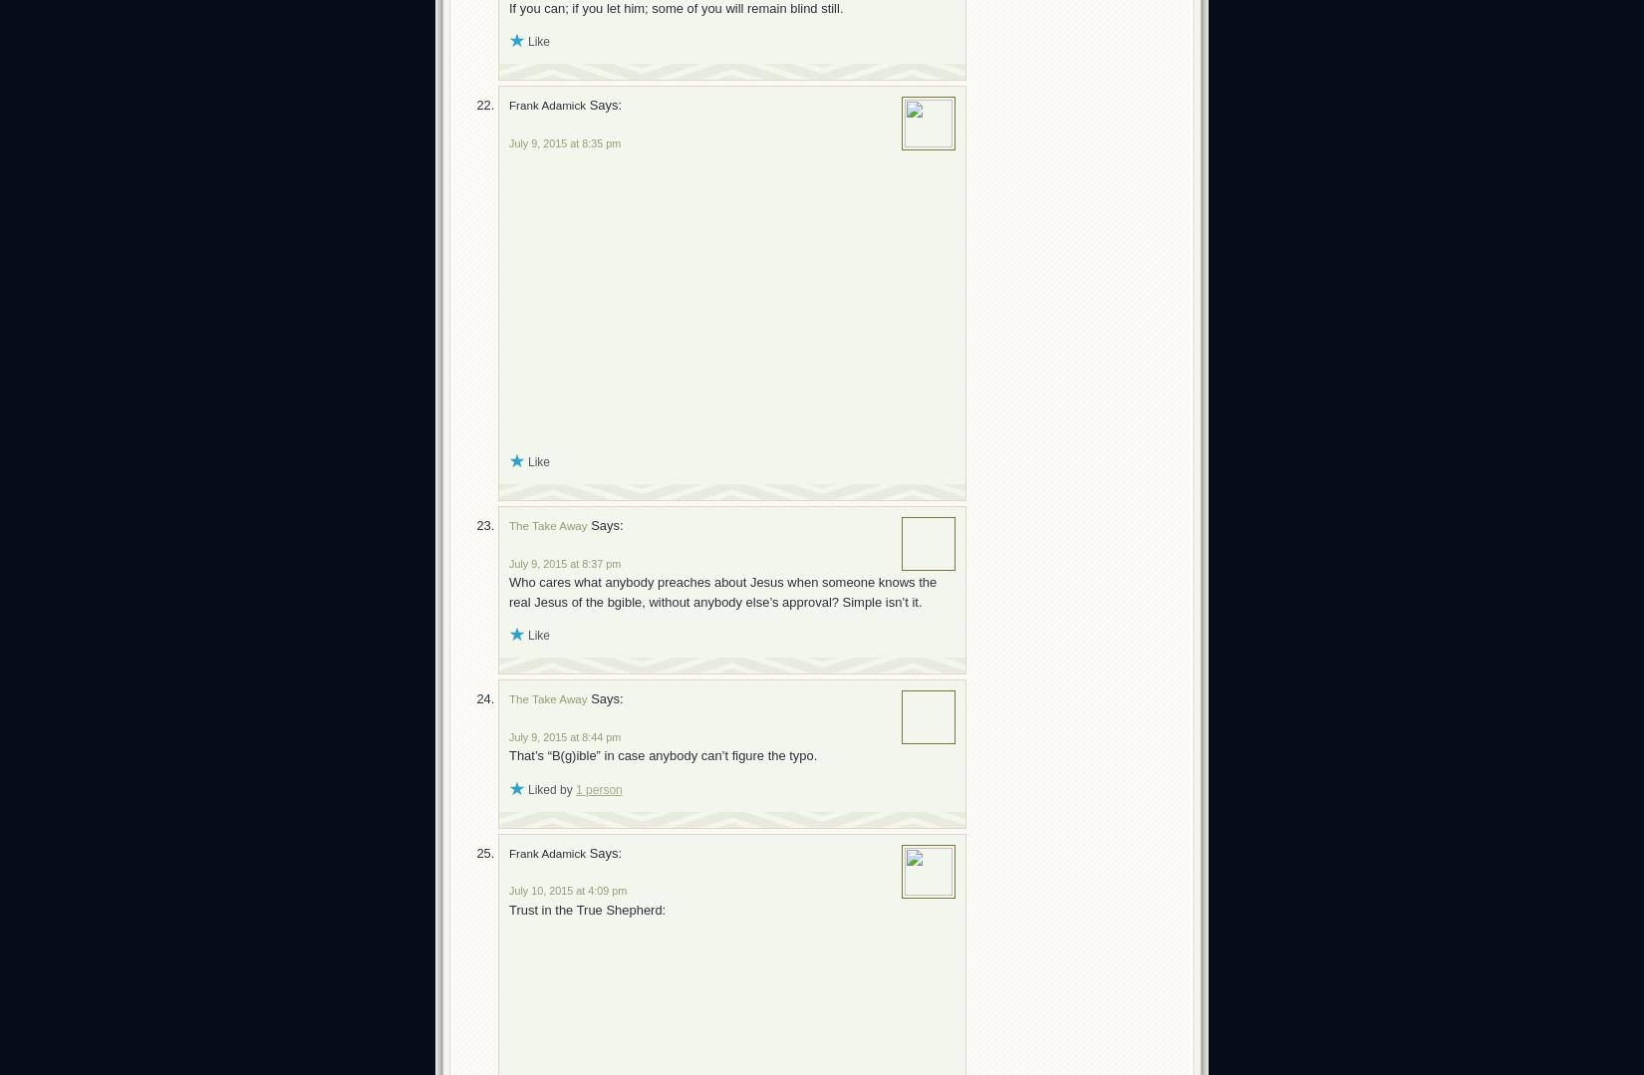  I want to click on 'Who cares what anybody preaches about Jesus when someone knows the real Jesus of the bgible, without anybody else’s approval? Simple isn’t it.', so click(721, 591).